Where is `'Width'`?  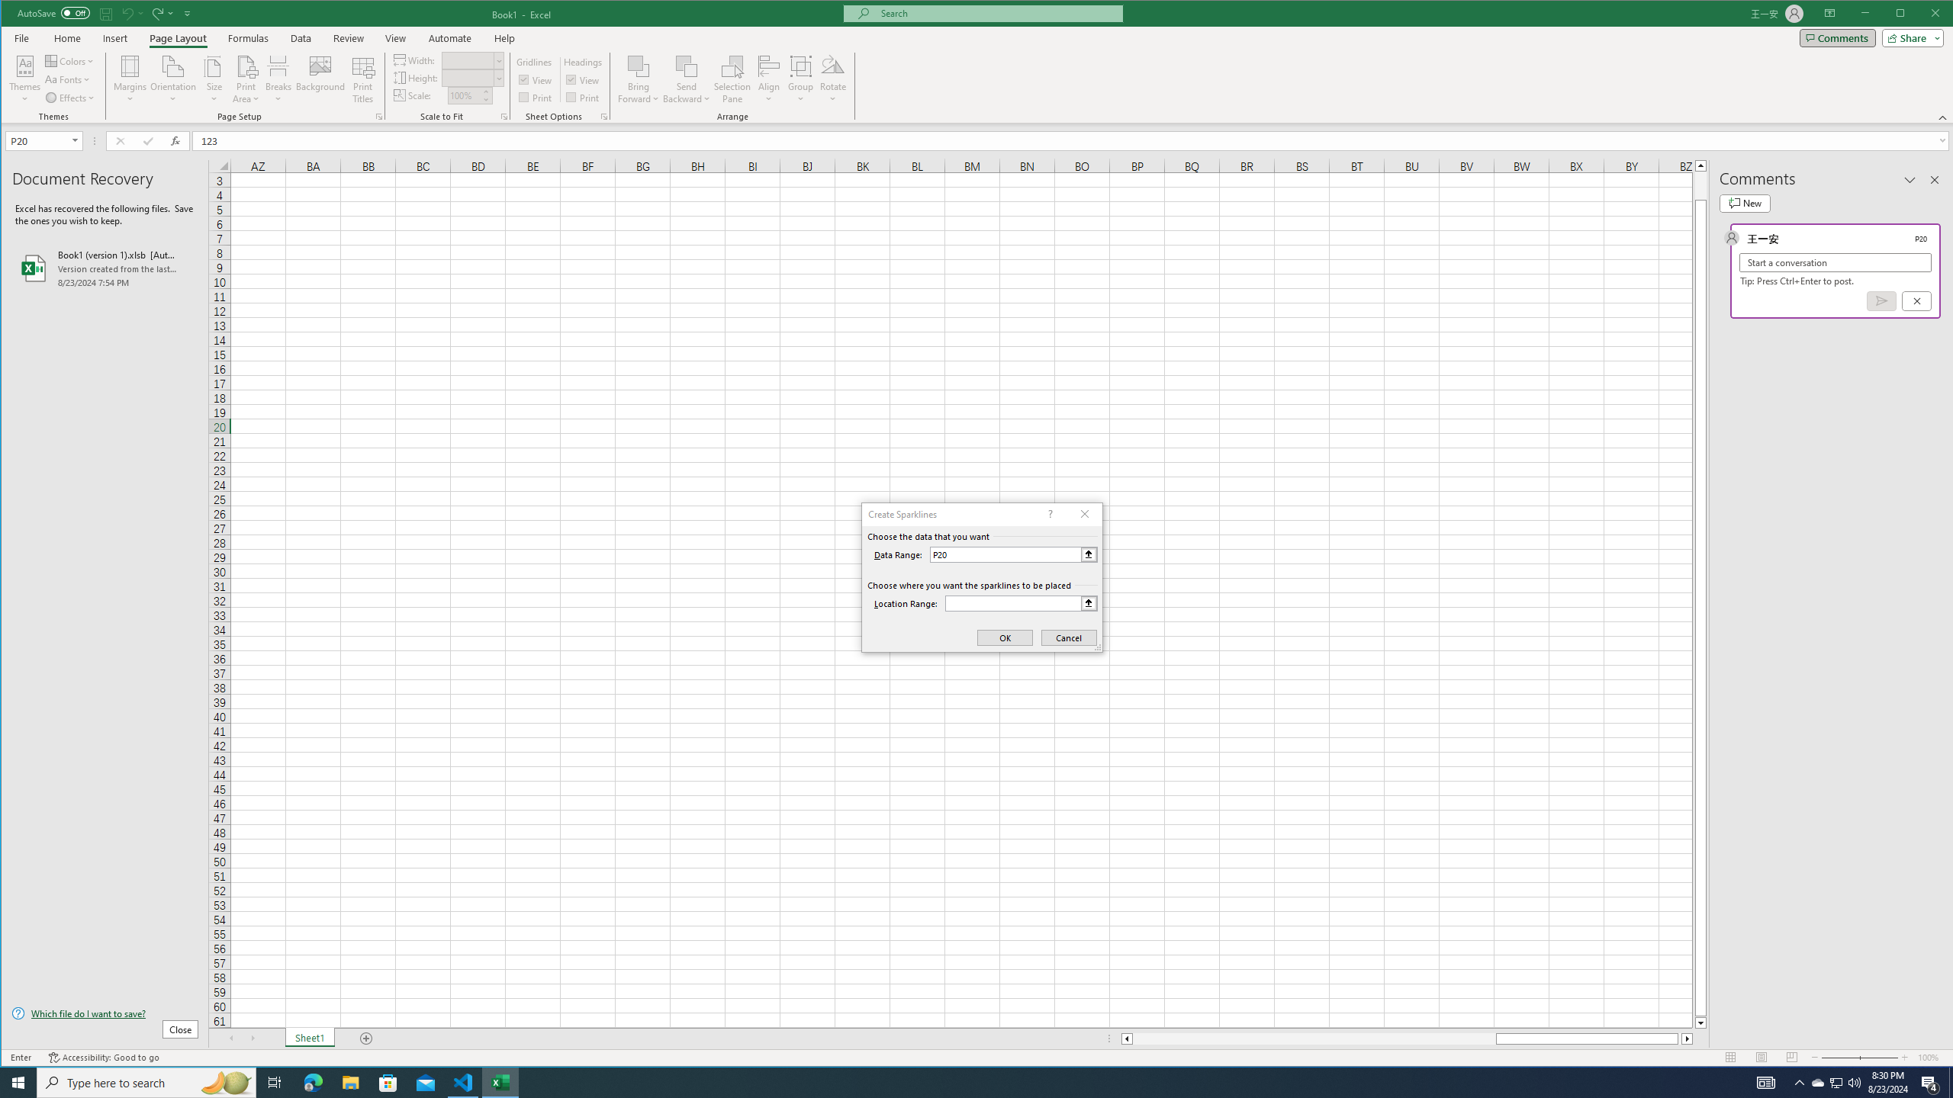
'Width' is located at coordinates (472, 59).